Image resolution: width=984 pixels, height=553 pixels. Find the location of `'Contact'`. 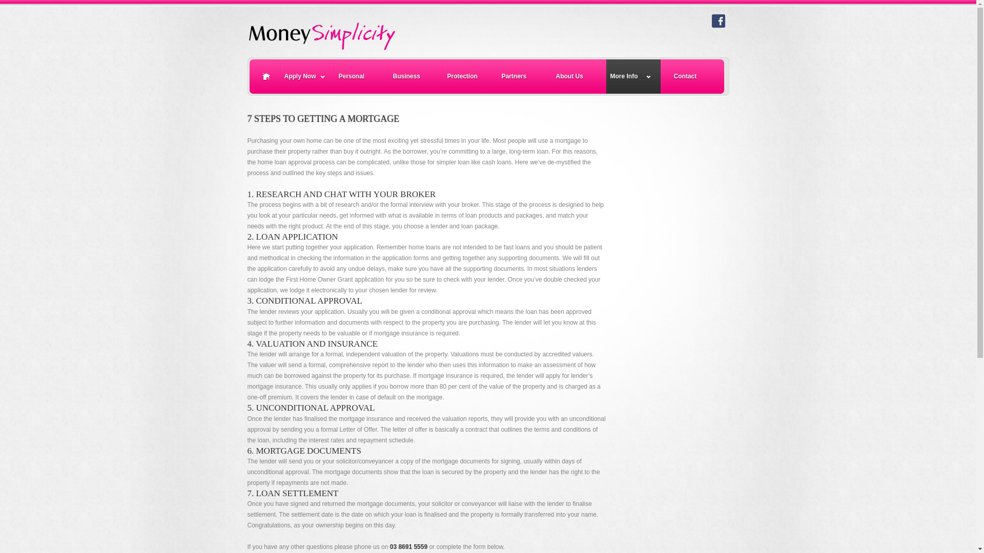

'Contact' is located at coordinates (661, 76).